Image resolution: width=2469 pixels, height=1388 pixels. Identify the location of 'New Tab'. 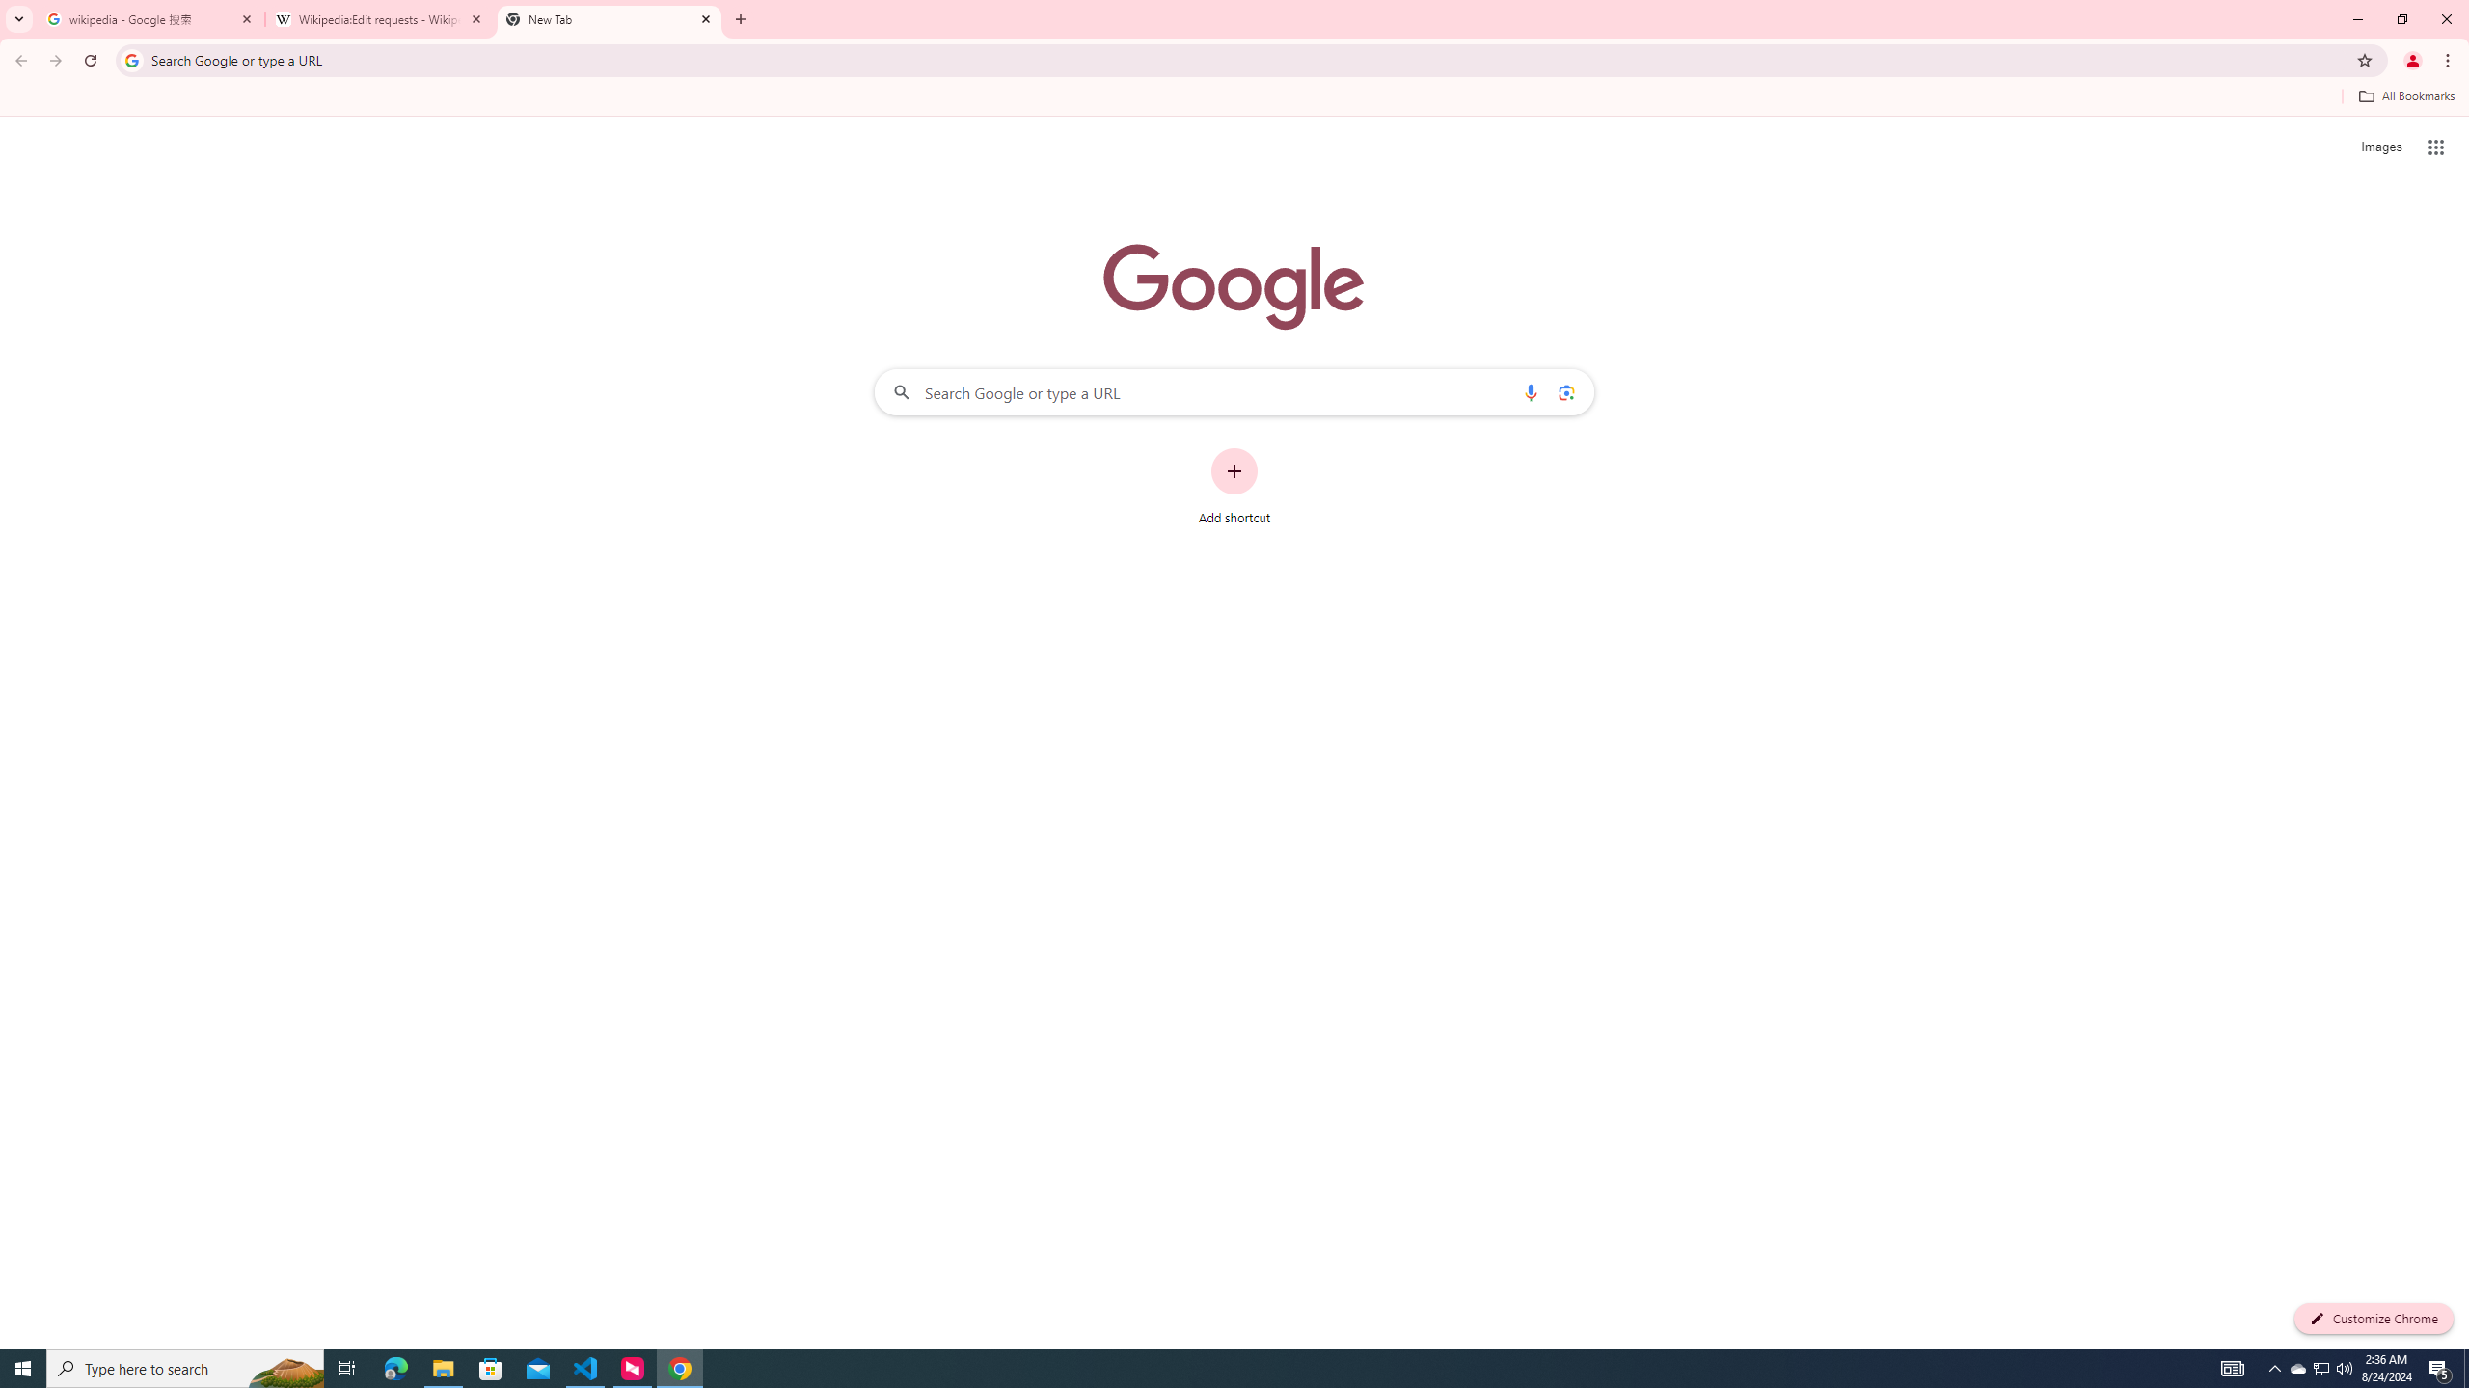
(609, 18).